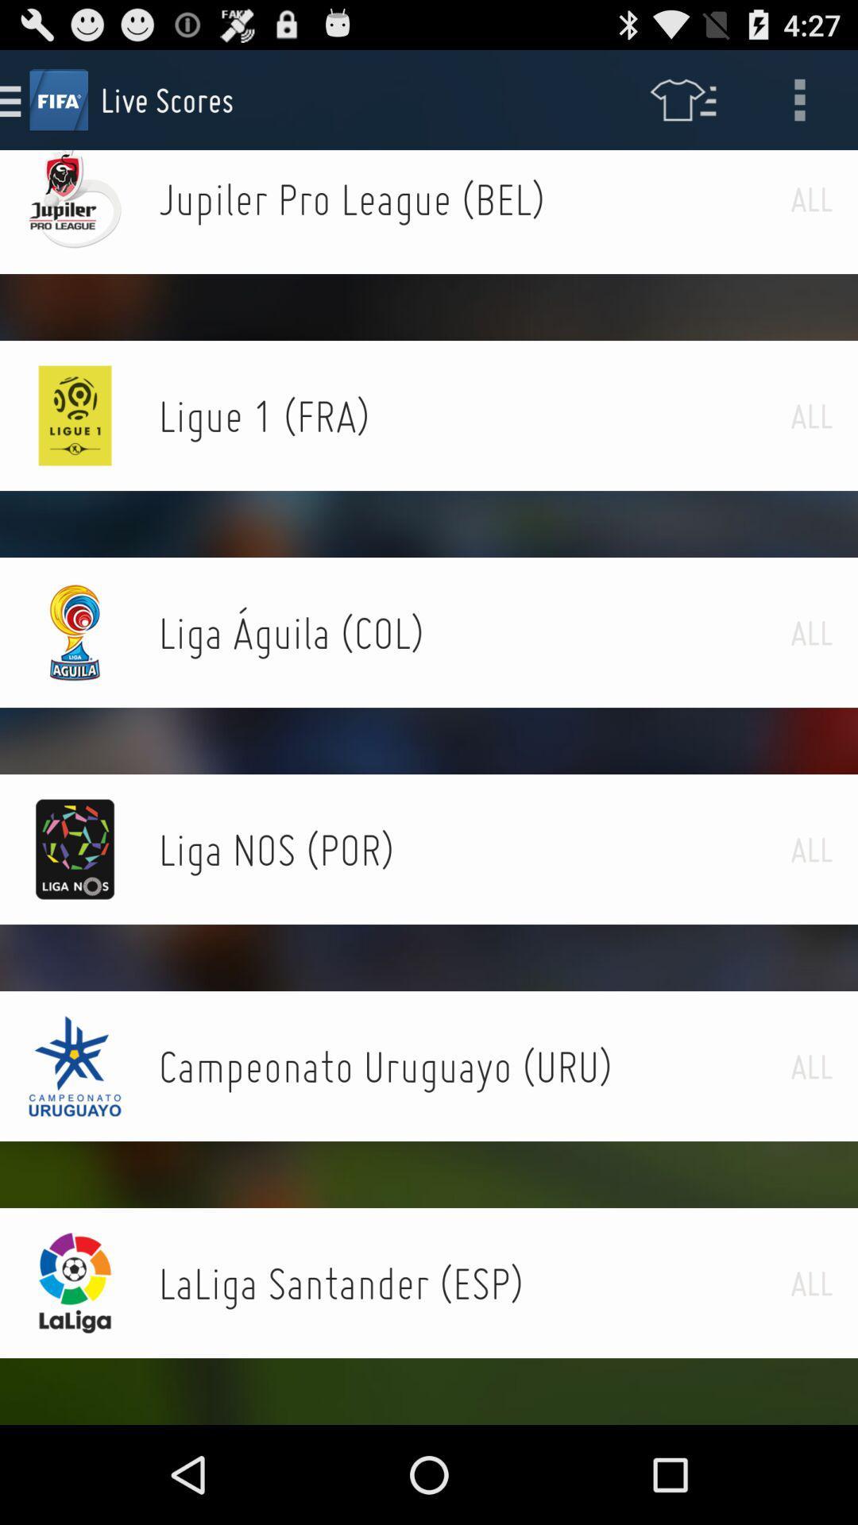 This screenshot has height=1525, width=858. Describe the element at coordinates (473, 1066) in the screenshot. I see `campeonato uruguayo (uru) icon` at that location.